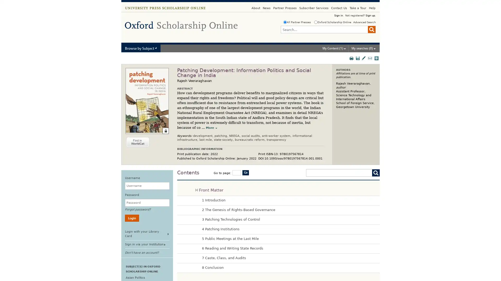 The width and height of the screenshot is (501, 281). Describe the element at coordinates (141, 48) in the screenshot. I see `Browse by Subject` at that location.